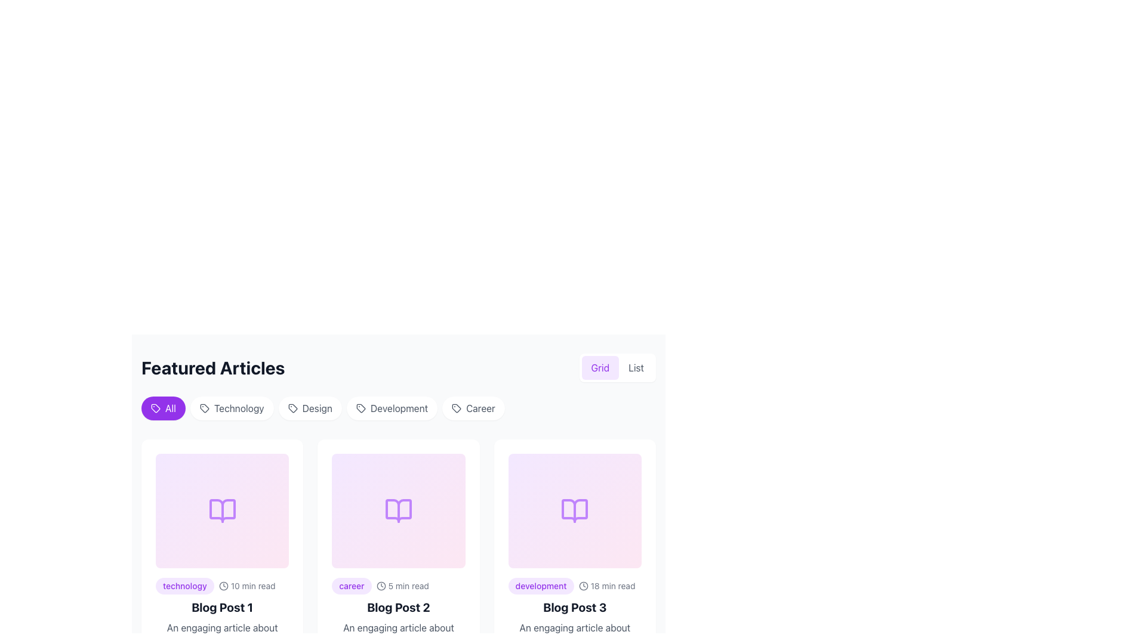  I want to click on the icon representing the first featured article, which is located within a gradient-filled, rounded square section above the text 'Blog Post 1', so click(222, 510).